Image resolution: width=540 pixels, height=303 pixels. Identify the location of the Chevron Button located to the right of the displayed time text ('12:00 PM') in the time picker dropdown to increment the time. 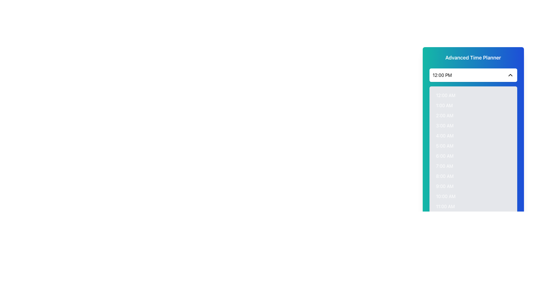
(510, 75).